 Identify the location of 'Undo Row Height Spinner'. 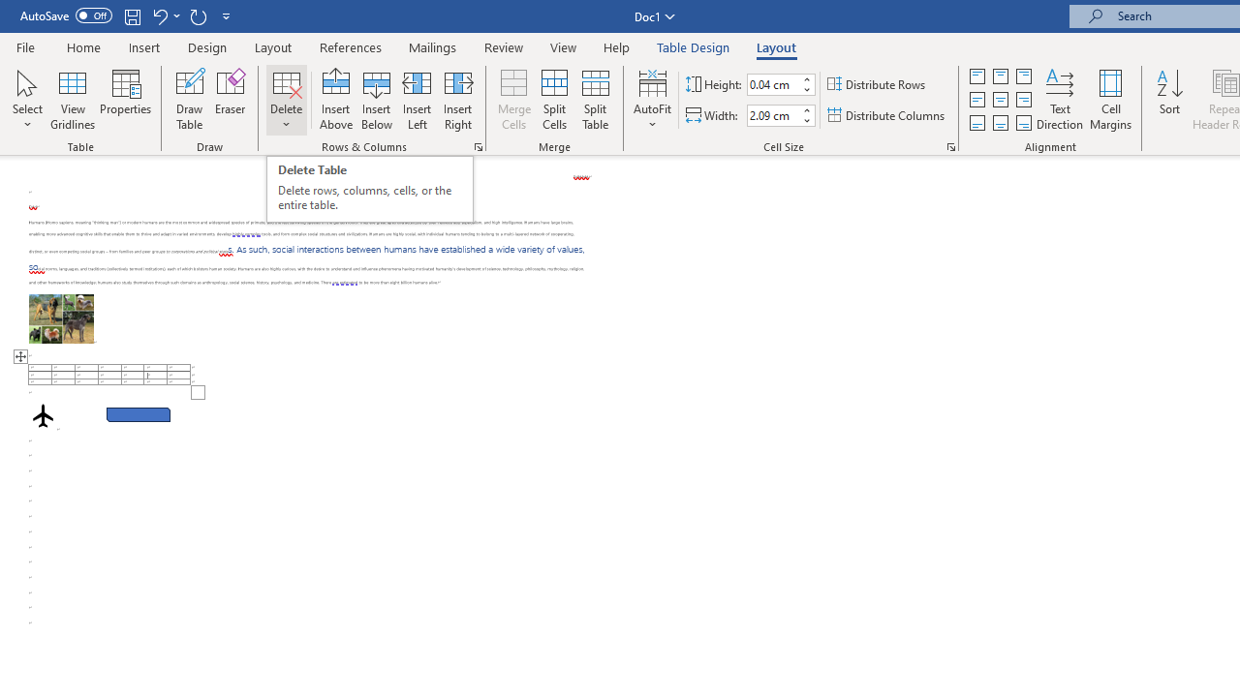
(159, 15).